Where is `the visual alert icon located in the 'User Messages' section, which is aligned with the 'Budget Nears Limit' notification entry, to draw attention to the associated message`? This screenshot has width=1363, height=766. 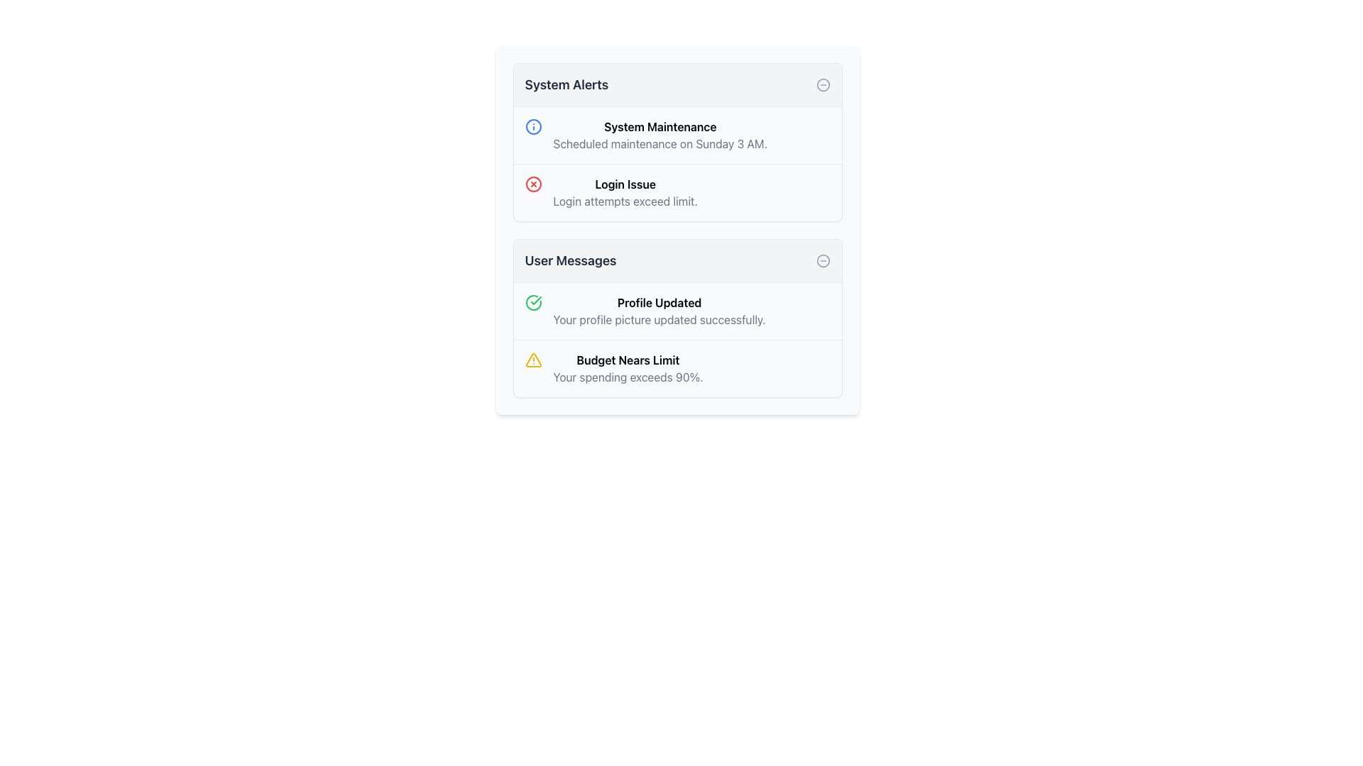 the visual alert icon located in the 'User Messages' section, which is aligned with the 'Budget Nears Limit' notification entry, to draw attention to the associated message is located at coordinates (532, 360).